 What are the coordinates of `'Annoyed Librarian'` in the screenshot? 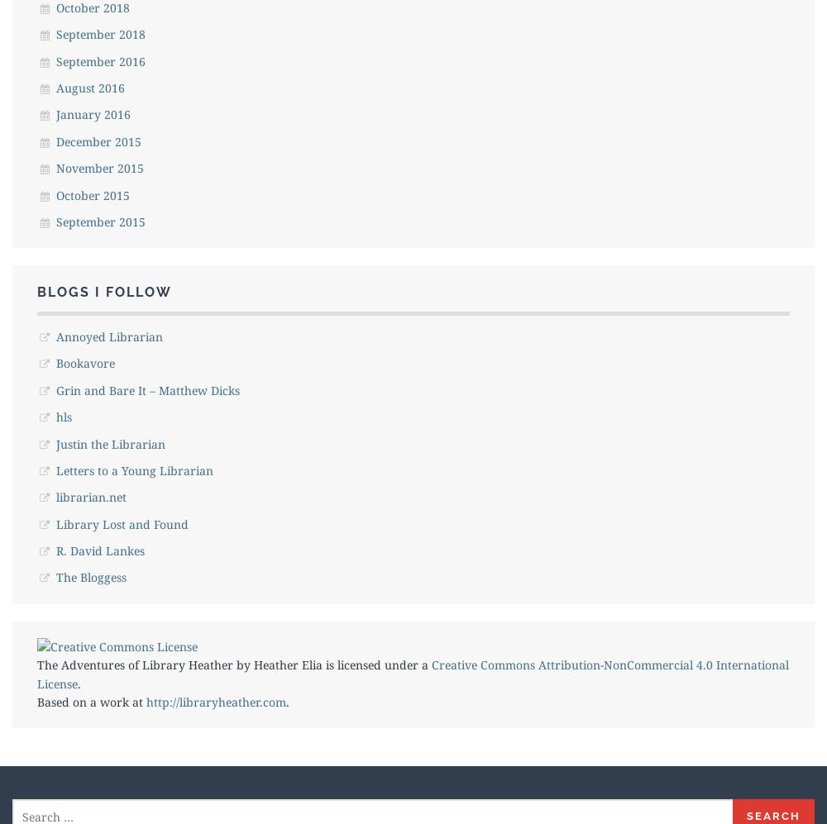 It's located at (109, 336).